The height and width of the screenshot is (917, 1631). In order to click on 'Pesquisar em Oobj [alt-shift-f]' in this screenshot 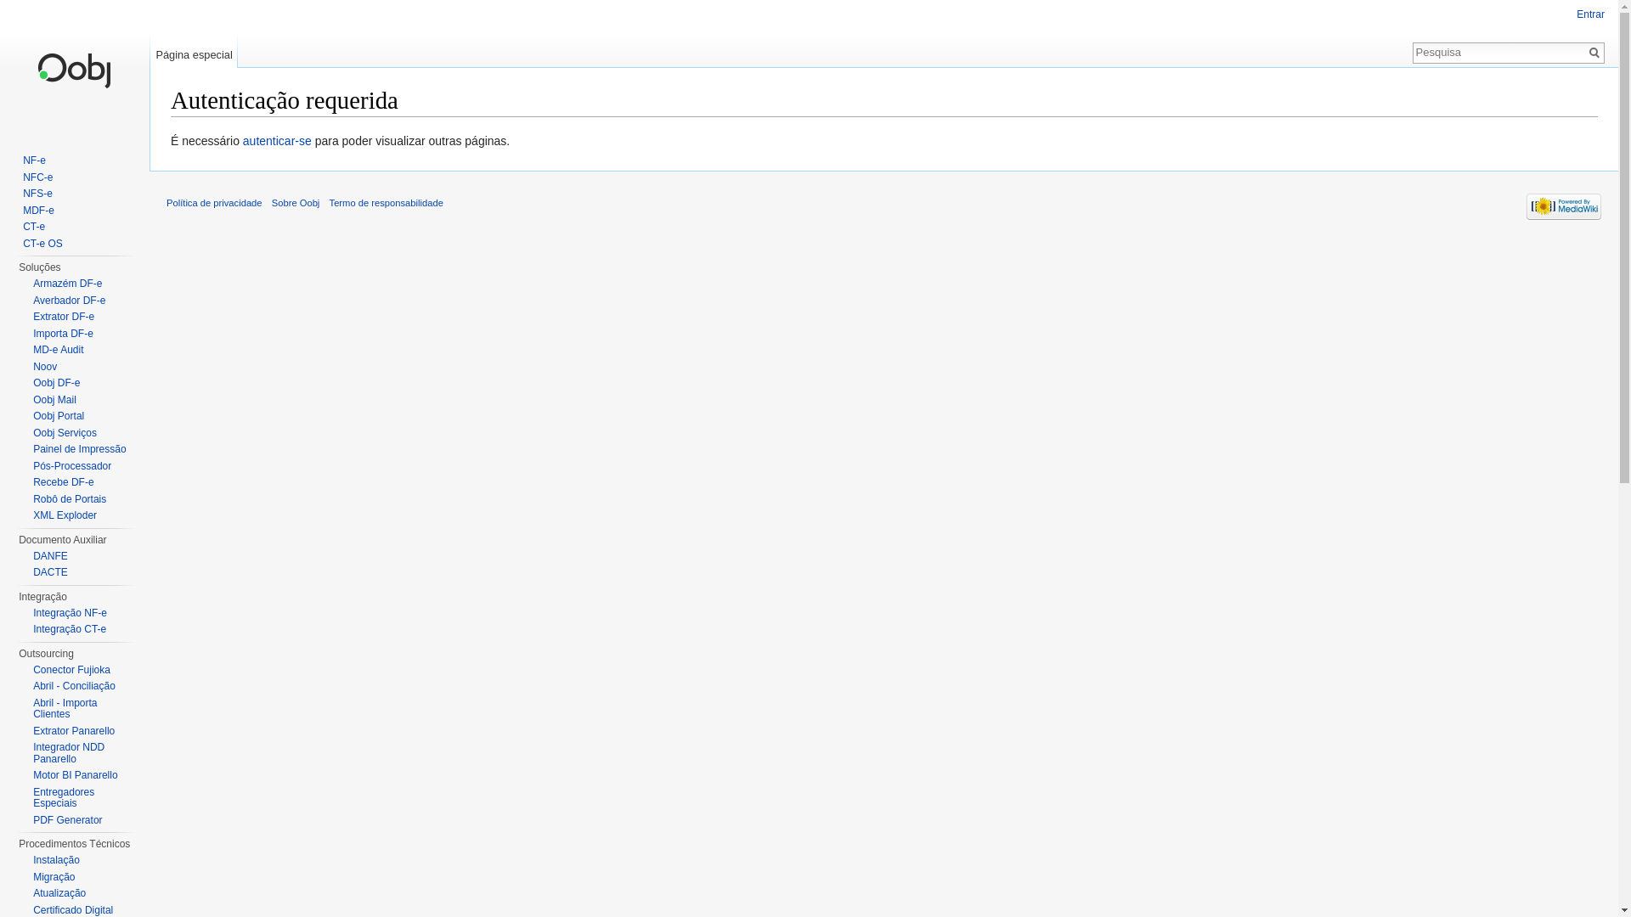, I will do `click(1414, 51)`.